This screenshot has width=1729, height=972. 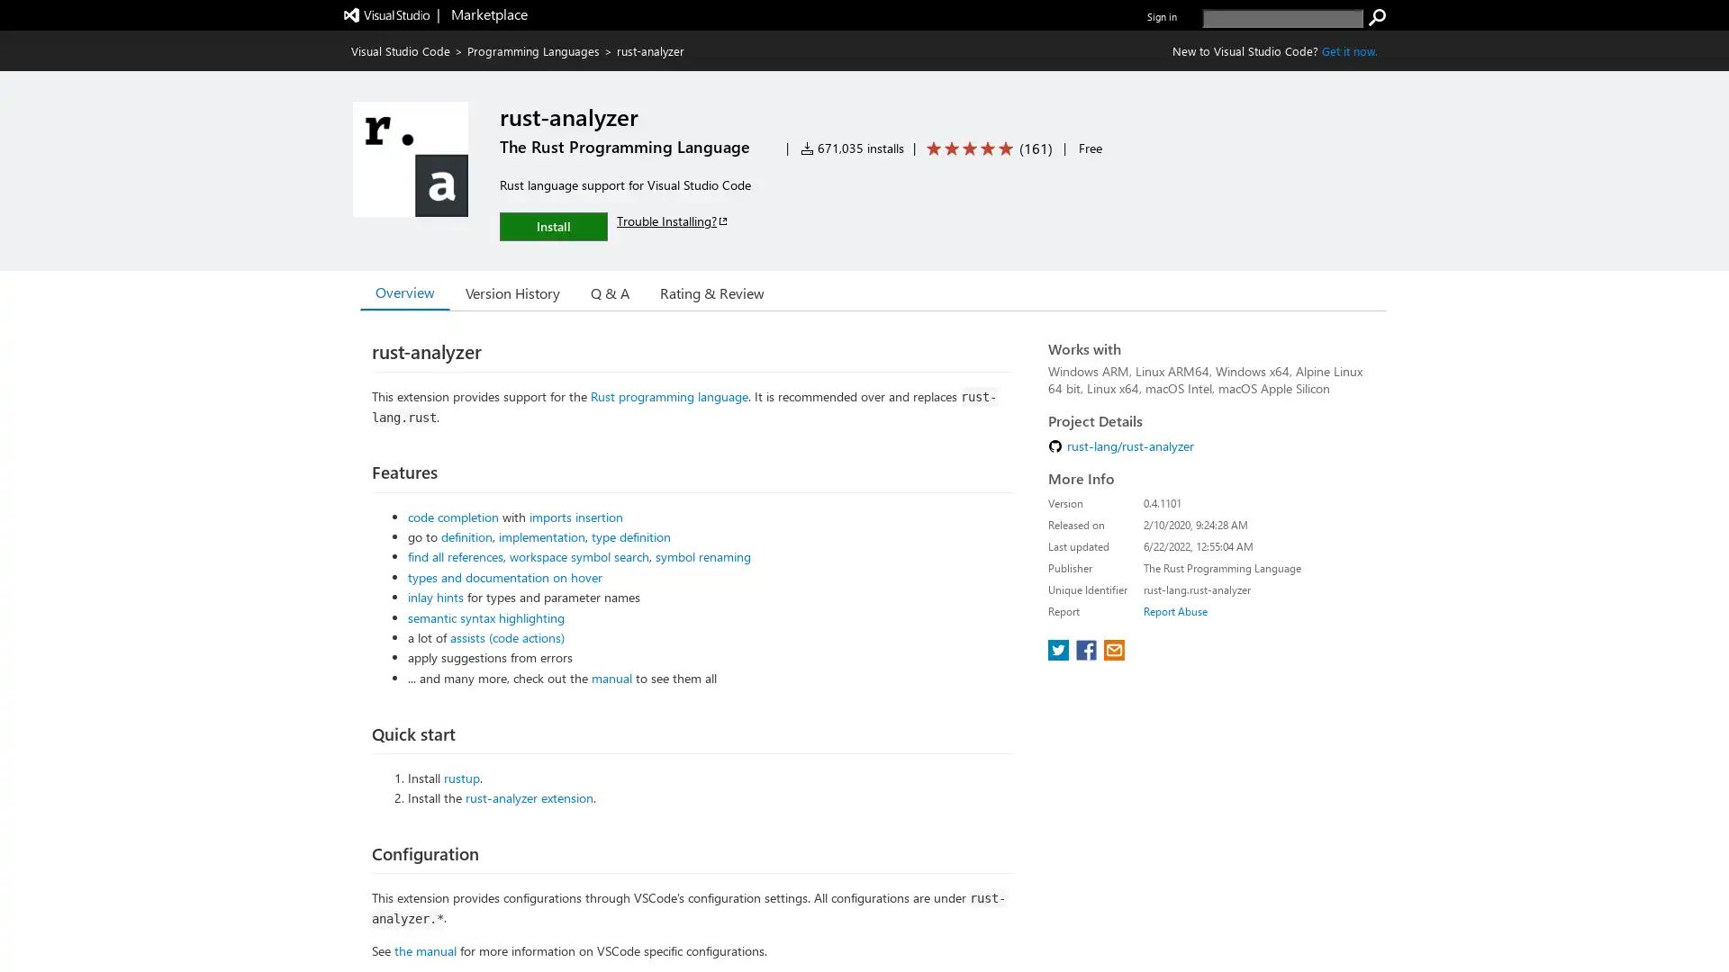 I want to click on Rating & Review, so click(x=711, y=291).